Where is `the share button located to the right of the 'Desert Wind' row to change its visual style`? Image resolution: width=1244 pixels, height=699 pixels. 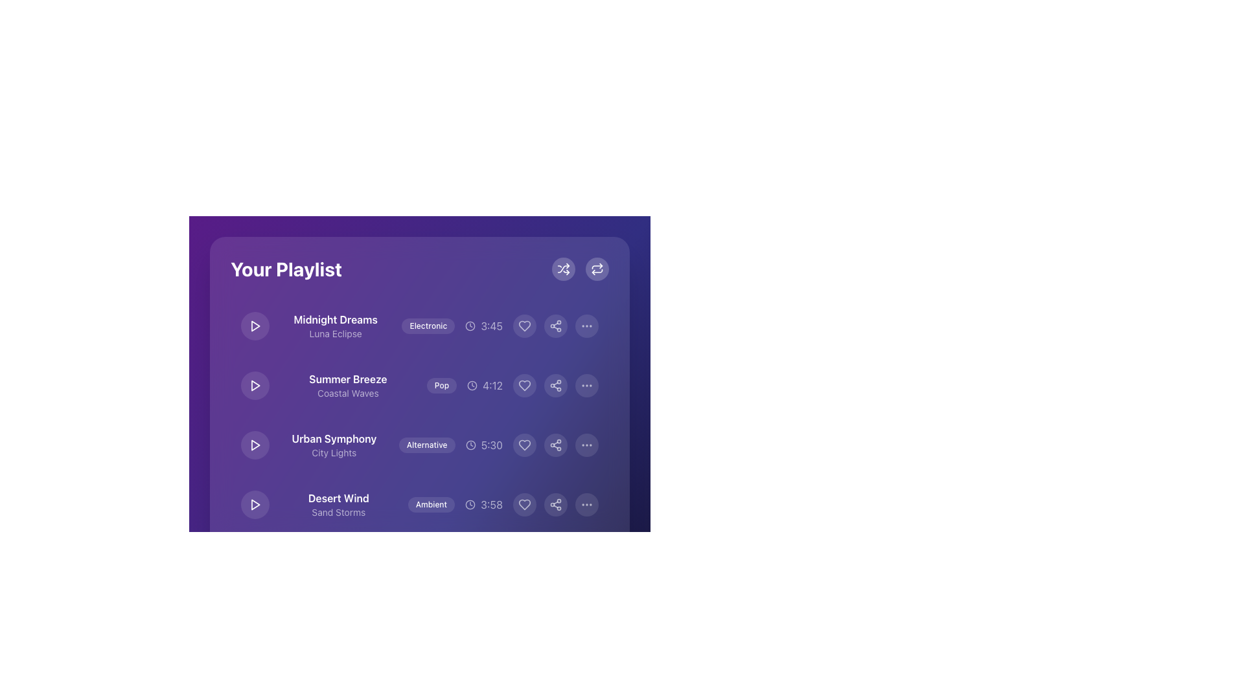 the share button located to the right of the 'Desert Wind' row to change its visual style is located at coordinates (556, 504).